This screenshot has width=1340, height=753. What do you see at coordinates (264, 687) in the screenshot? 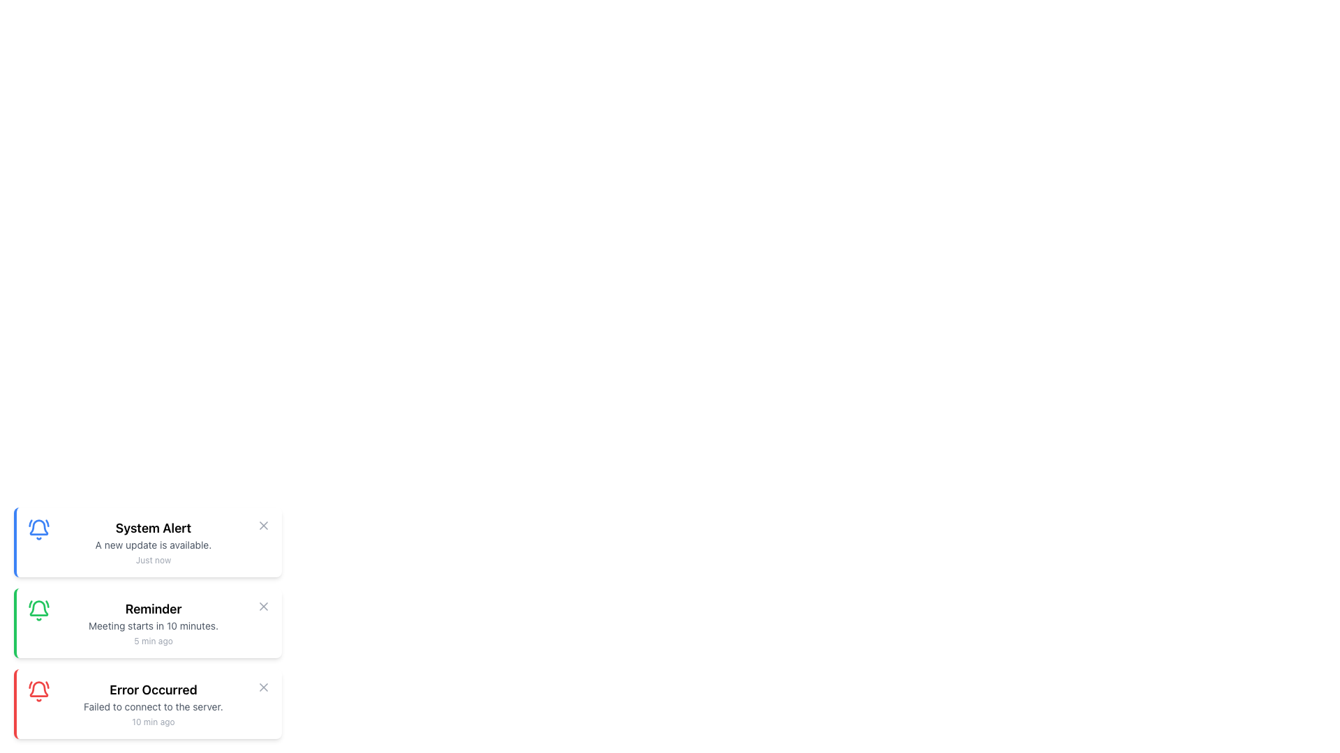
I see `the close button 'X' icon located at the bottom-right corner of the third notification card titled 'Error Occurred'` at bounding box center [264, 687].